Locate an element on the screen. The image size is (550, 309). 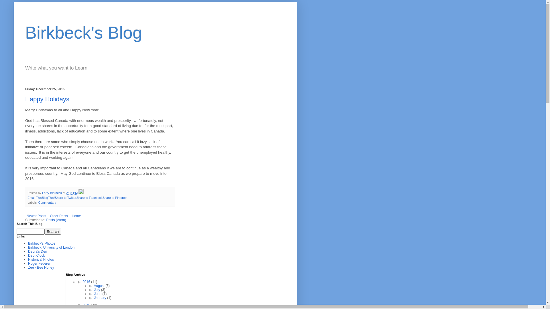
'Share to Twitter' is located at coordinates (65, 197).